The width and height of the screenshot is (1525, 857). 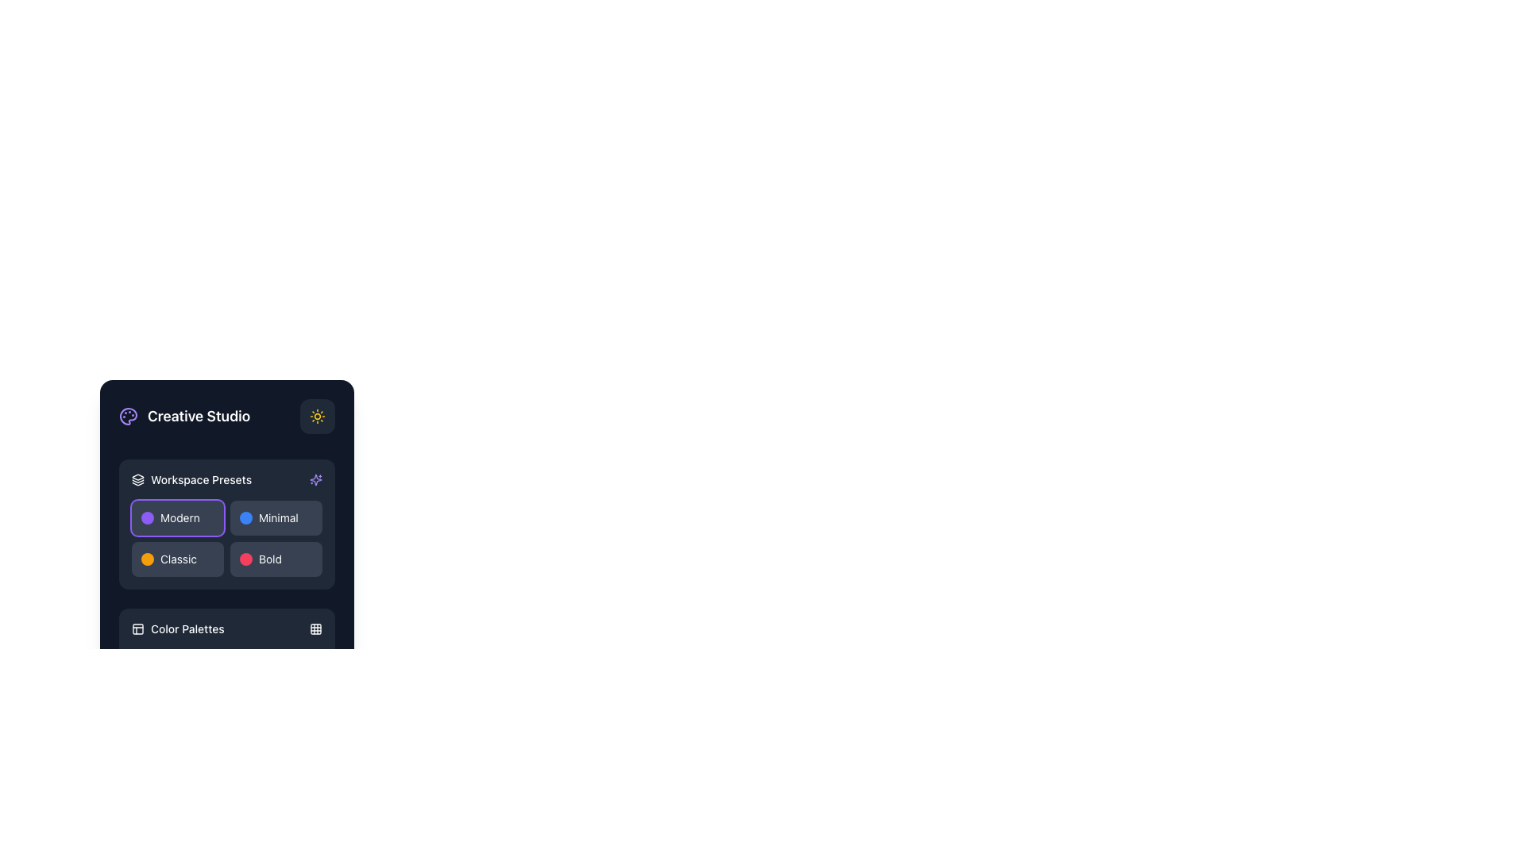 What do you see at coordinates (187, 628) in the screenshot?
I see `'Color Palettes' text label, which is styled in a medium-weight sans-serif font and located in the middle-bottom area of the interface panel, adjacent to an icon` at bounding box center [187, 628].